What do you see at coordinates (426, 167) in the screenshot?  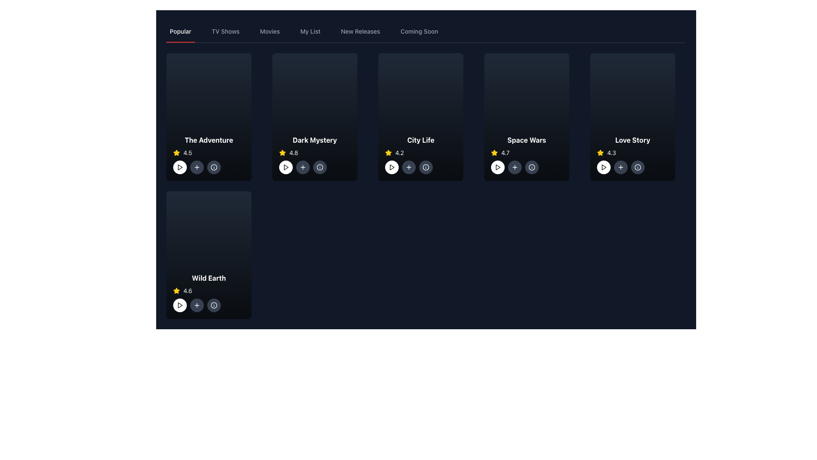 I see `the circular element within the SVG graphic, which is part of an information icon located under the 'City Life' title in the middle card of the first row` at bounding box center [426, 167].